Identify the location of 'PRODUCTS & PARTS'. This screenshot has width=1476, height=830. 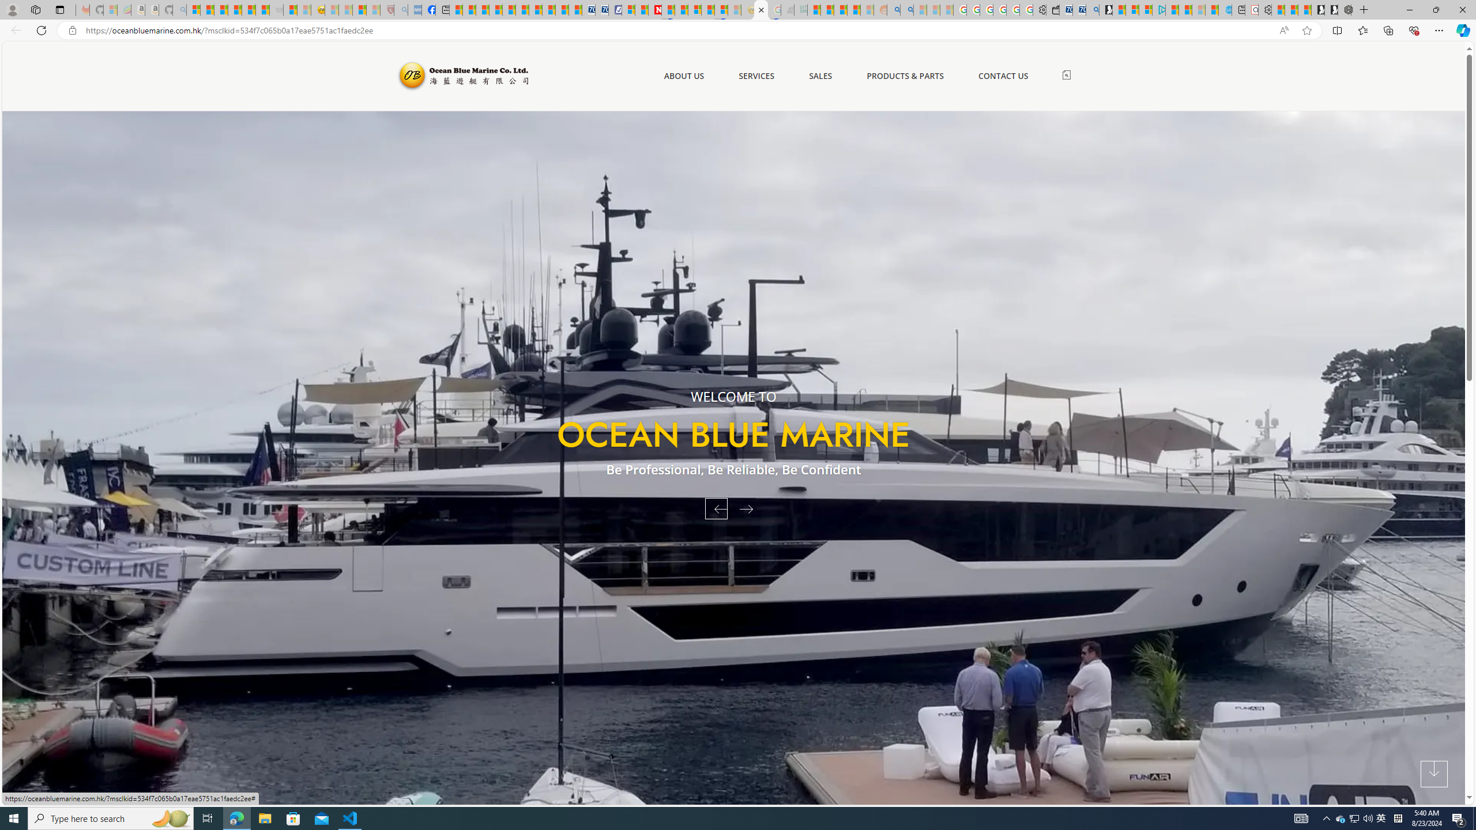
(905, 76).